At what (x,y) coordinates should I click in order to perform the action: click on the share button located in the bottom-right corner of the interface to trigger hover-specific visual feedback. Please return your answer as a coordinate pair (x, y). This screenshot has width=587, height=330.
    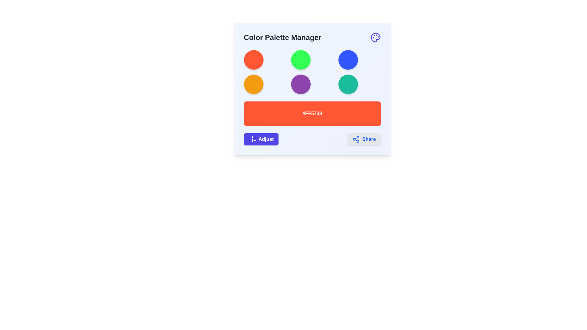
    Looking at the image, I should click on (364, 139).